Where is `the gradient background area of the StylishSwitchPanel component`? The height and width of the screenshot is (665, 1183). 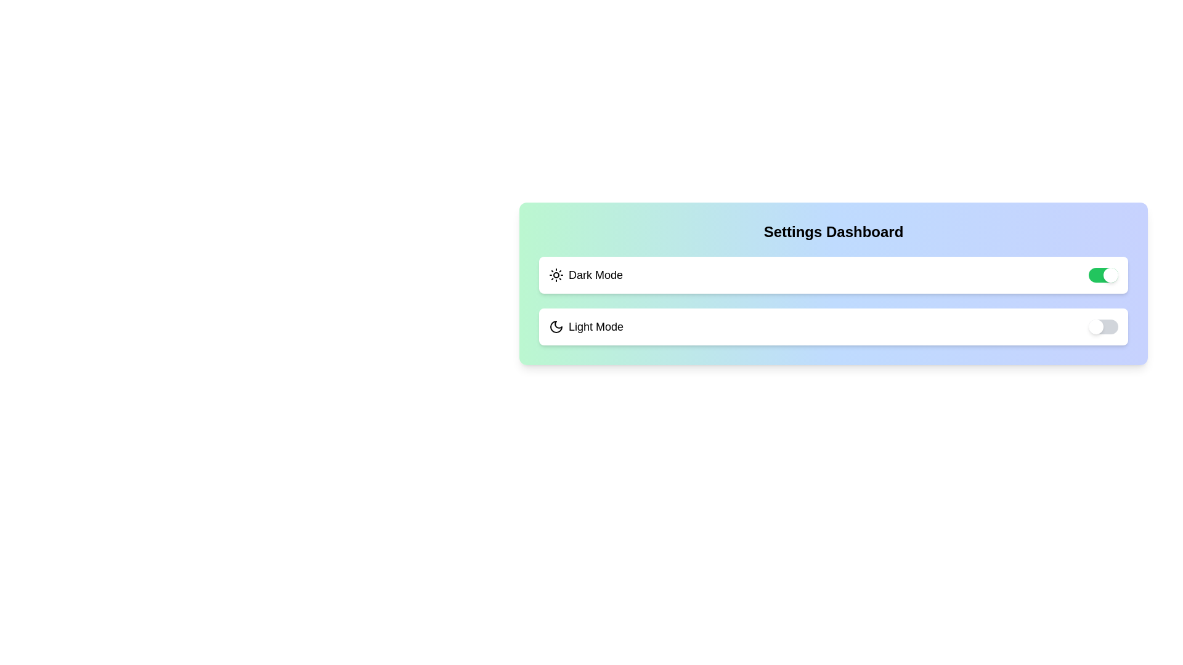
the gradient background area of the StylishSwitchPanel component is located at coordinates (519, 201).